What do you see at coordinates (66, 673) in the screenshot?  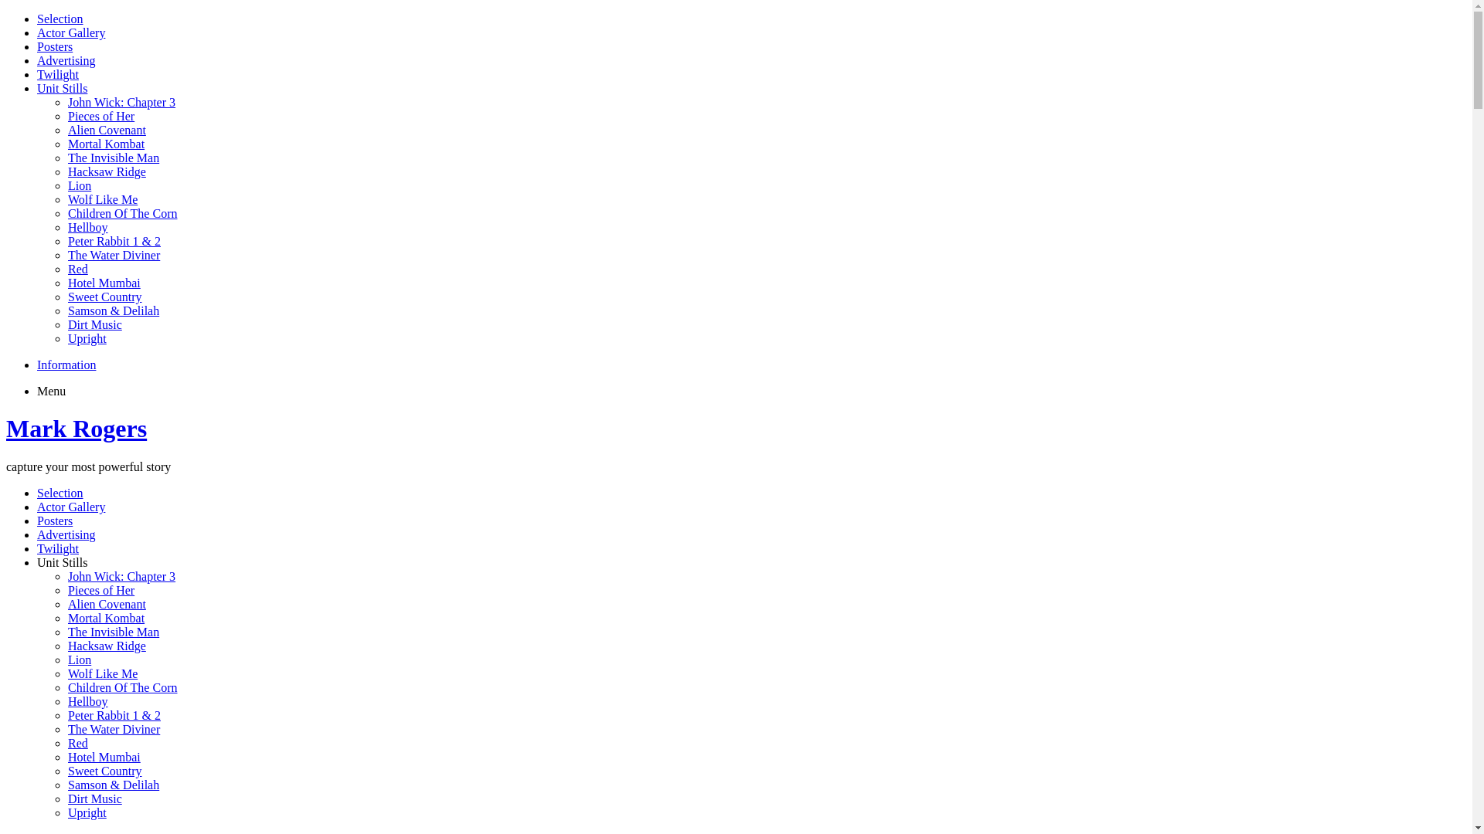 I see `'Wolf Like Me'` at bounding box center [66, 673].